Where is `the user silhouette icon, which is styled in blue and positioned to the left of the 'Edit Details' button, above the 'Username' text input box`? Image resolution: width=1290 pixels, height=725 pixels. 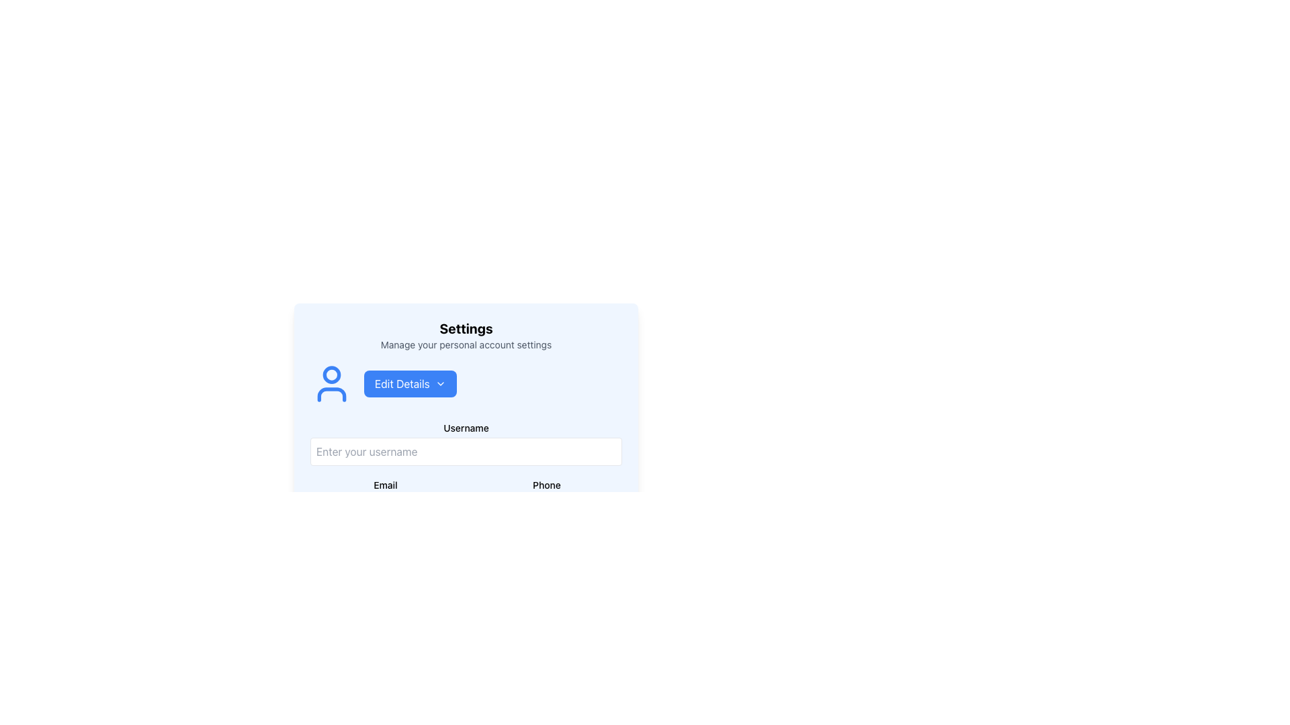 the user silhouette icon, which is styled in blue and positioned to the left of the 'Edit Details' button, above the 'Username' text input box is located at coordinates (332, 383).